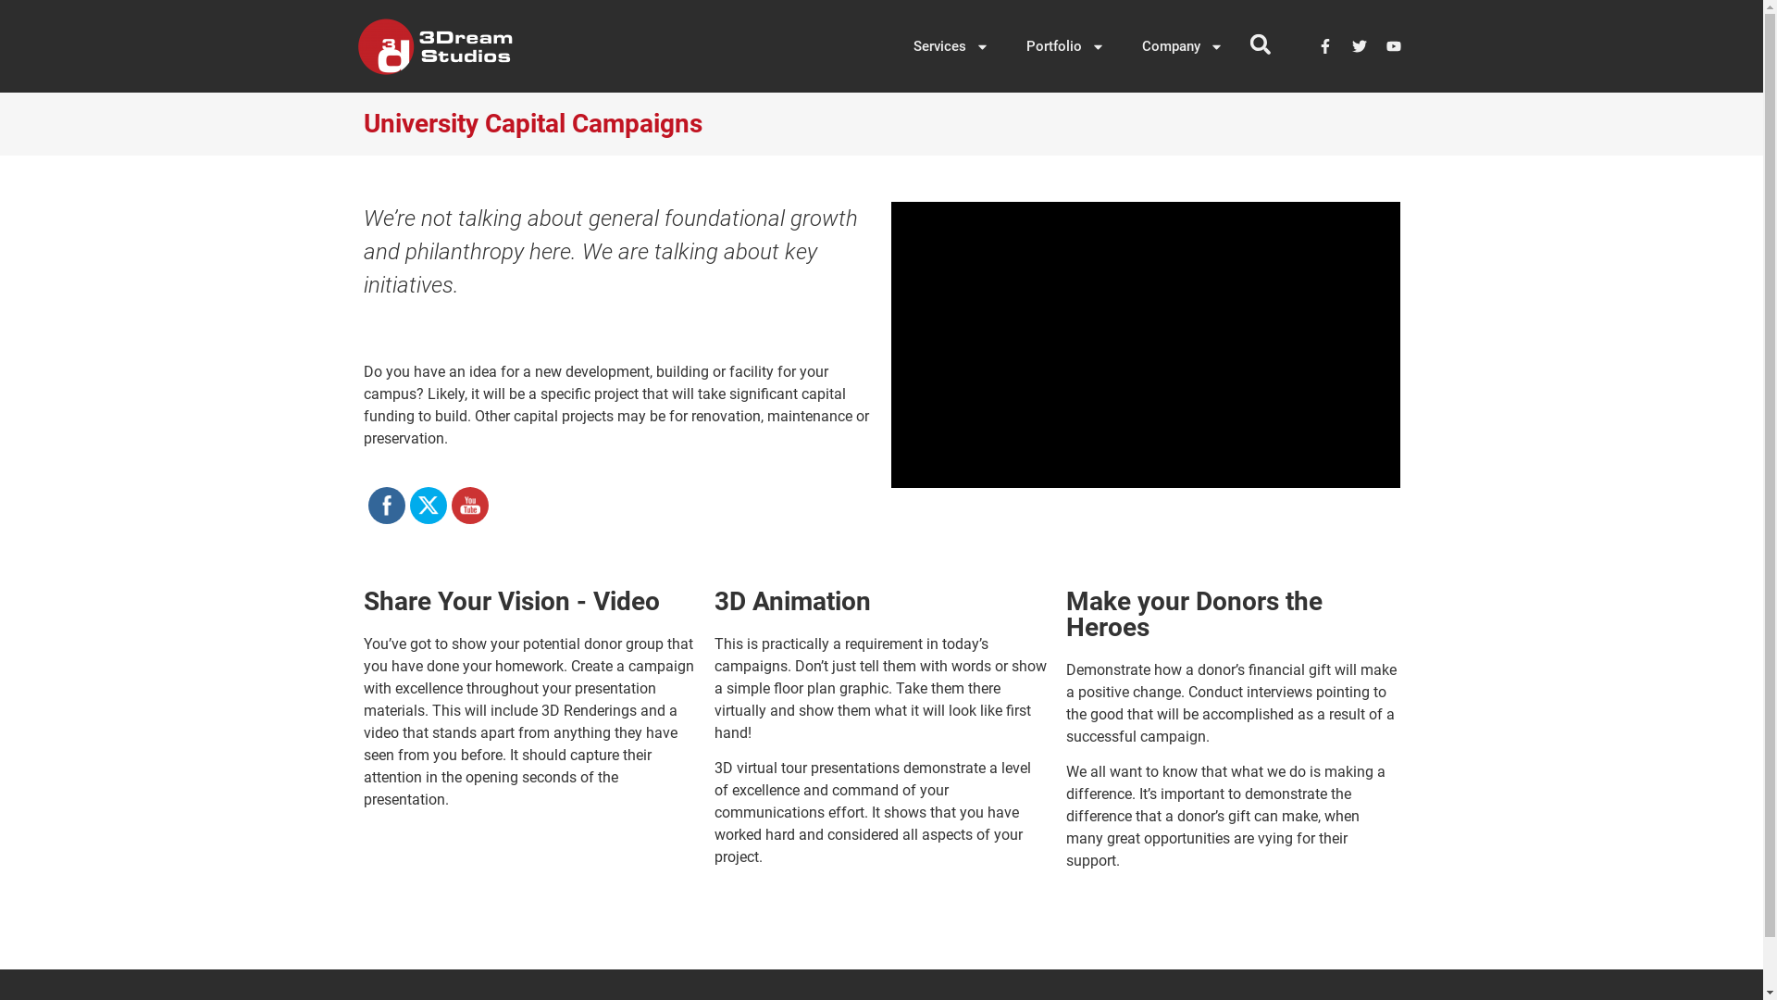  What do you see at coordinates (1144, 344) in the screenshot?
I see `'vimeo Video Player'` at bounding box center [1144, 344].